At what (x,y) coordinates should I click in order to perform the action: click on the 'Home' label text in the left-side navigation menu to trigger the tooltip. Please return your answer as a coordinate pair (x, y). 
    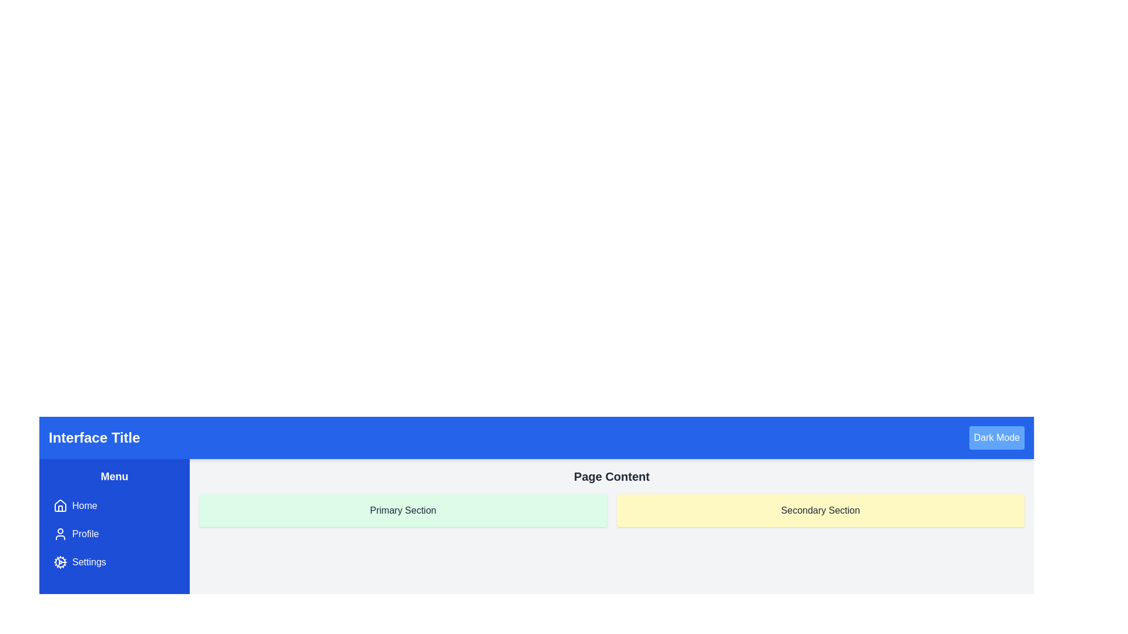
    Looking at the image, I should click on (84, 505).